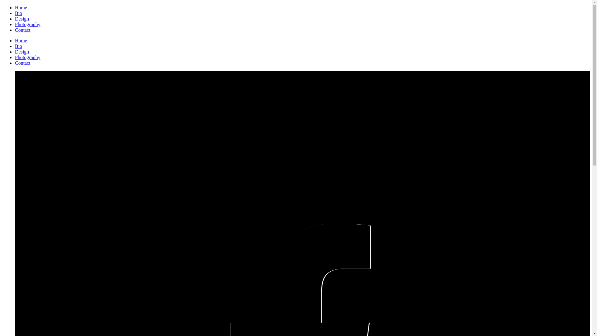  I want to click on 'Home', so click(15, 7).